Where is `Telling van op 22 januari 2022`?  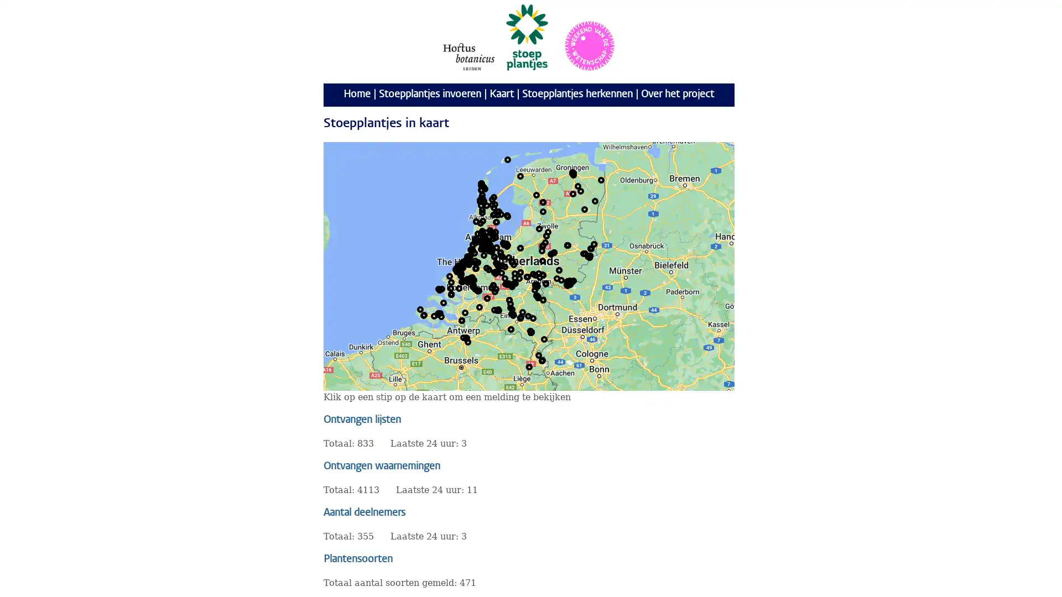 Telling van op 22 januari 2022 is located at coordinates (456, 270).